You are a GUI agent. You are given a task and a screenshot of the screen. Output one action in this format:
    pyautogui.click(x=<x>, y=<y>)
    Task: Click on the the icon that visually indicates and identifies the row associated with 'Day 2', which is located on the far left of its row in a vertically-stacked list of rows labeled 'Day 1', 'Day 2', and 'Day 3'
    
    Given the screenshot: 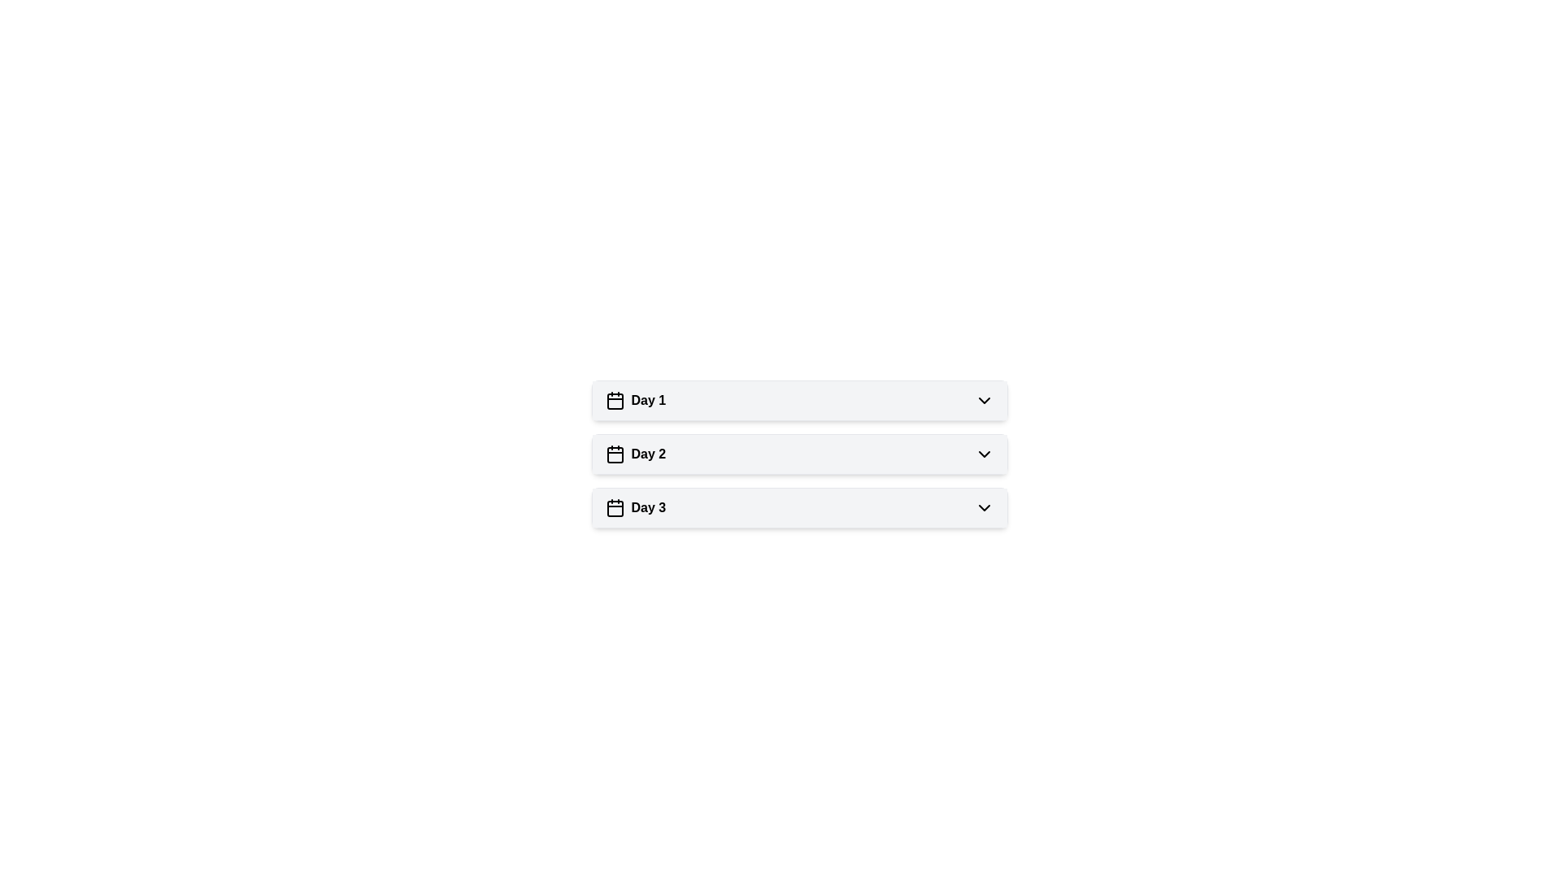 What is the action you would take?
    pyautogui.click(x=614, y=454)
    